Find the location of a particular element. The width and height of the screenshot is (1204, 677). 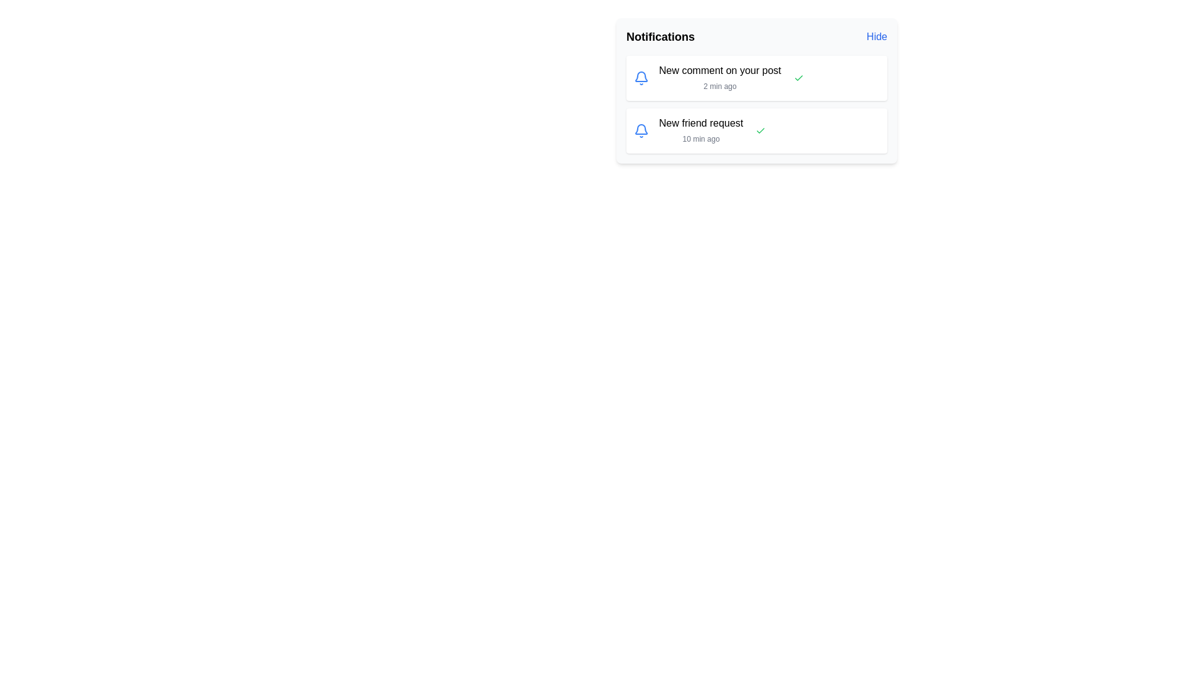

the timestamp text label that indicates the time elapsed since the 'New friend request' notification, positioned below and slightly to the right of it is located at coordinates (700, 139).